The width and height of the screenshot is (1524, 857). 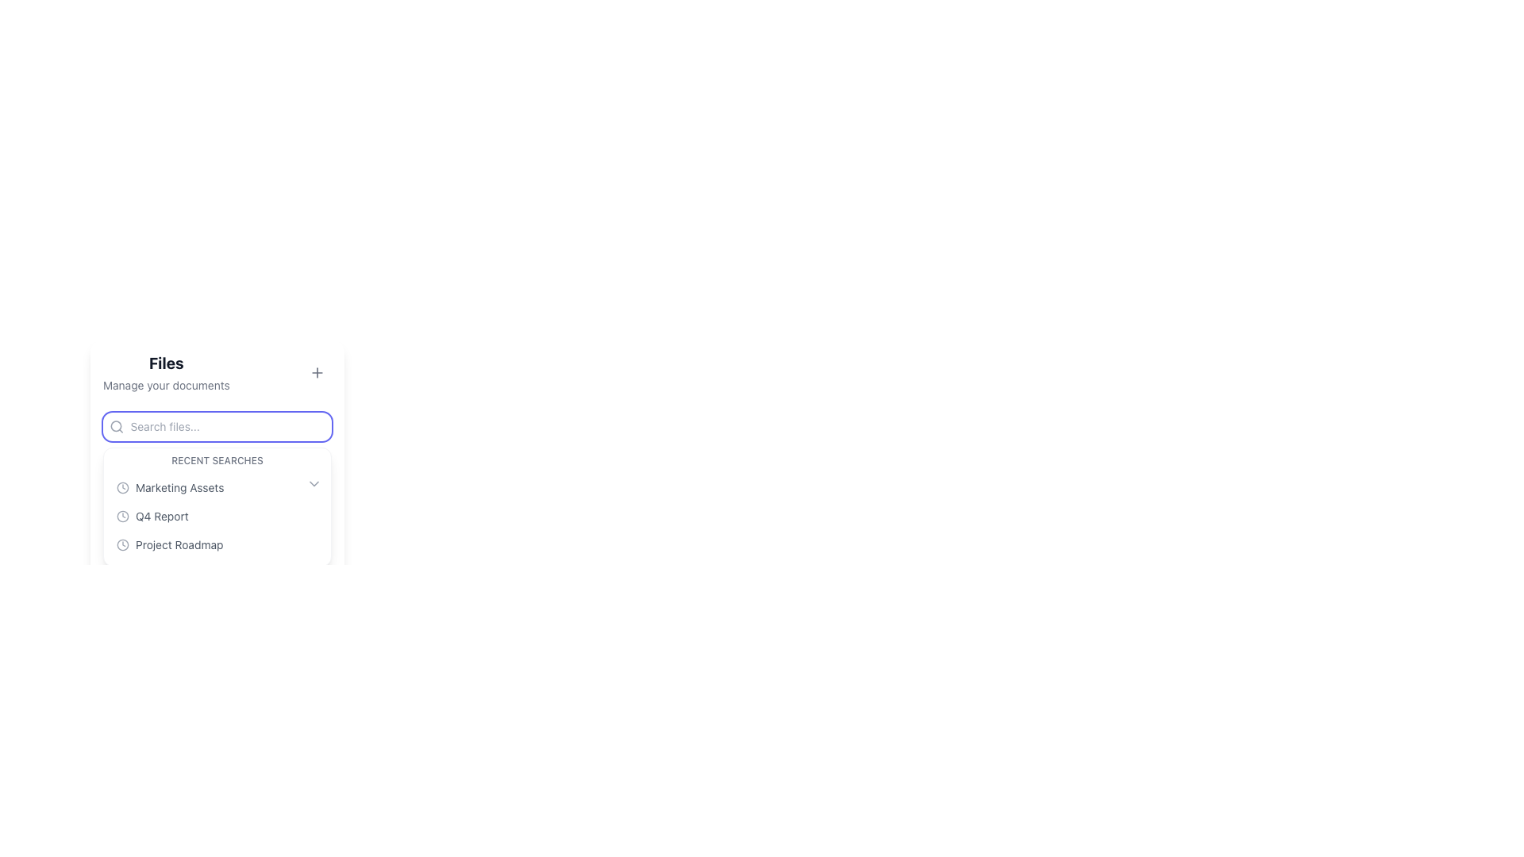 I want to click on the first item in the 'RECENT SEARCHES' list, so click(x=216, y=486).